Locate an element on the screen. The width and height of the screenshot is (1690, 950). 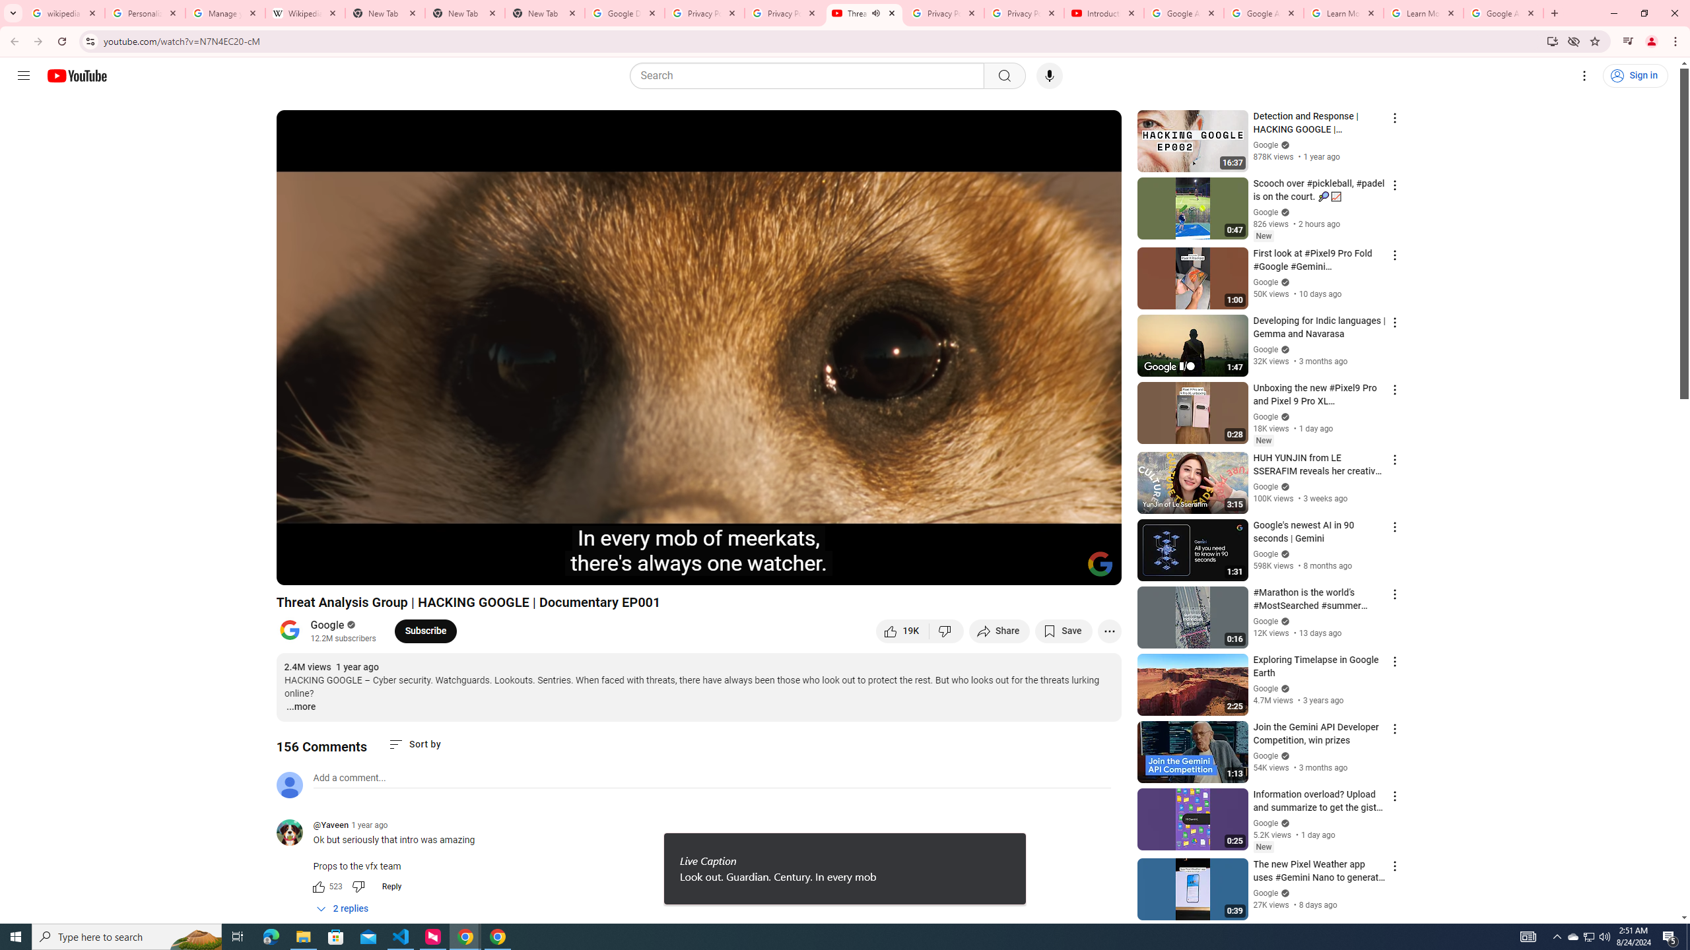
'Channel watermark' is located at coordinates (1100, 563).